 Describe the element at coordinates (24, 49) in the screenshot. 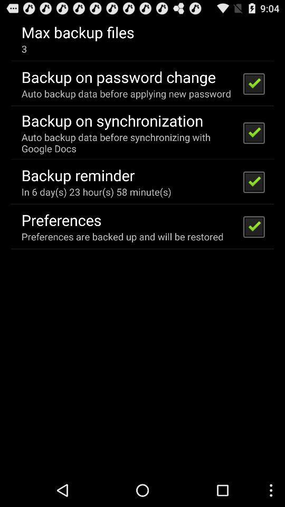

I see `3` at that location.